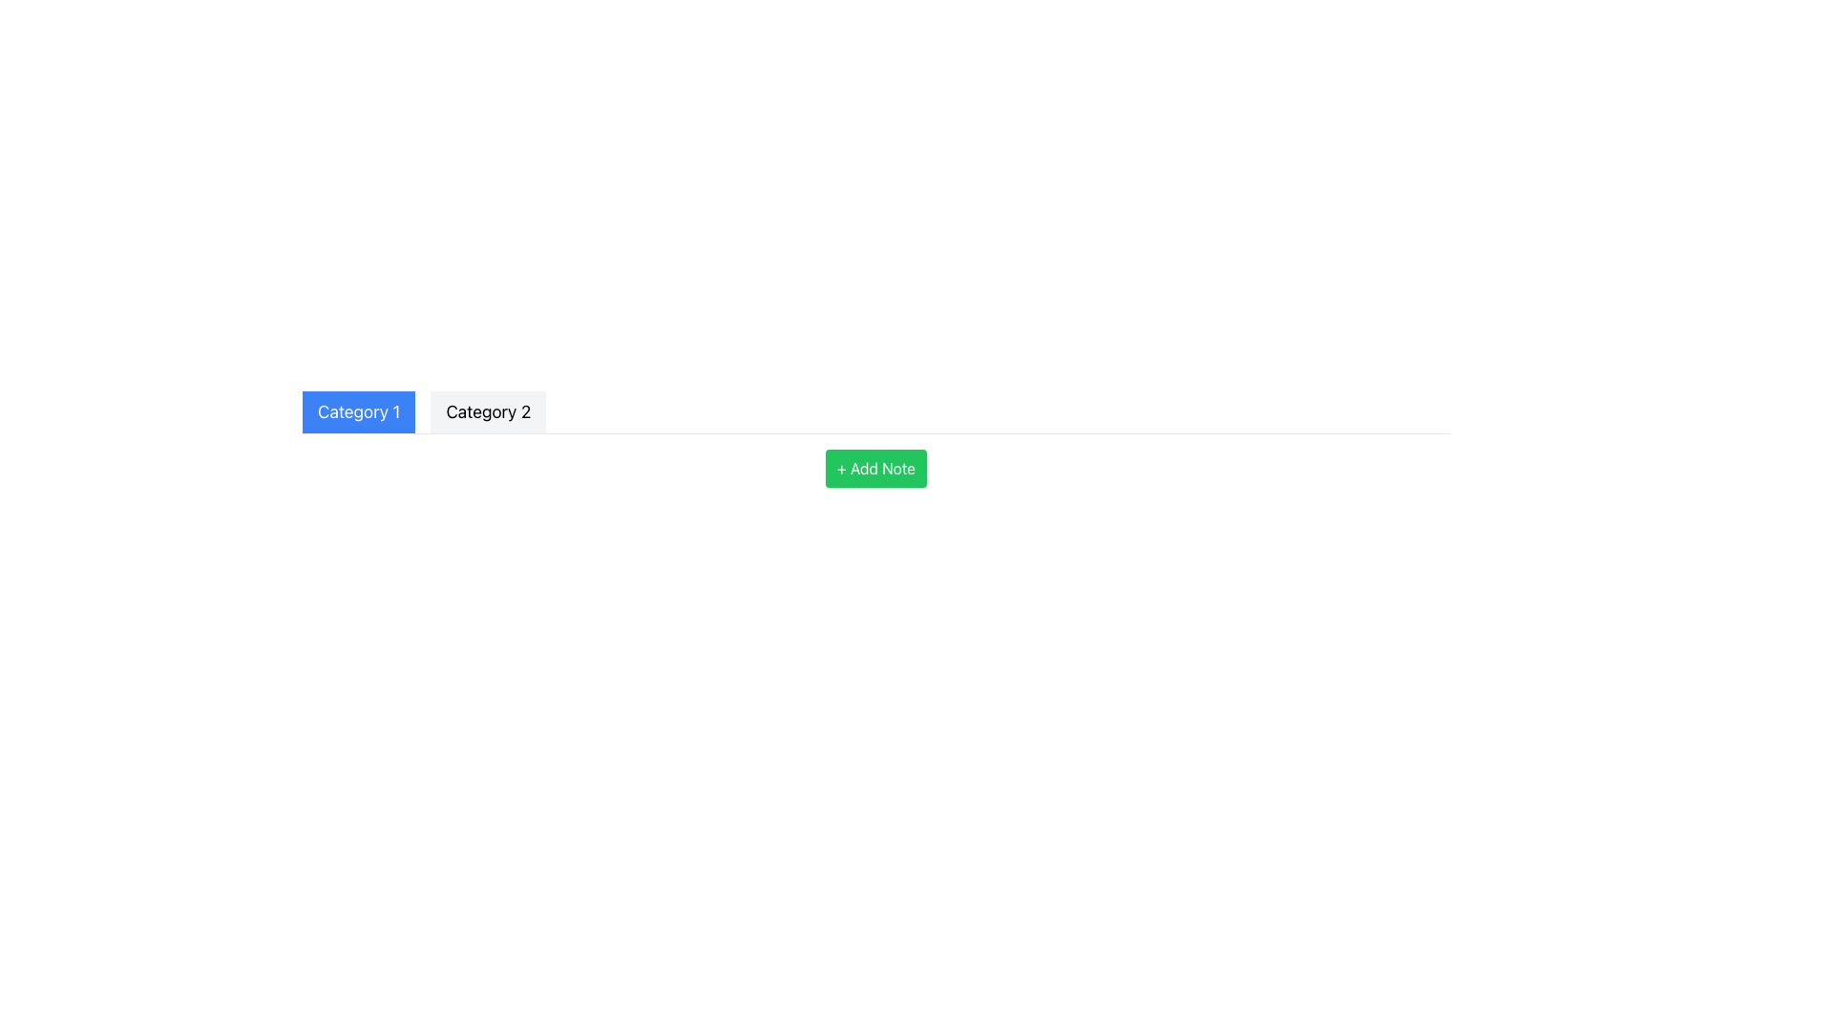 The image size is (1833, 1031). What do you see at coordinates (874, 468) in the screenshot?
I see `the button located beneath 'Category 1' and 'Category 2'` at bounding box center [874, 468].